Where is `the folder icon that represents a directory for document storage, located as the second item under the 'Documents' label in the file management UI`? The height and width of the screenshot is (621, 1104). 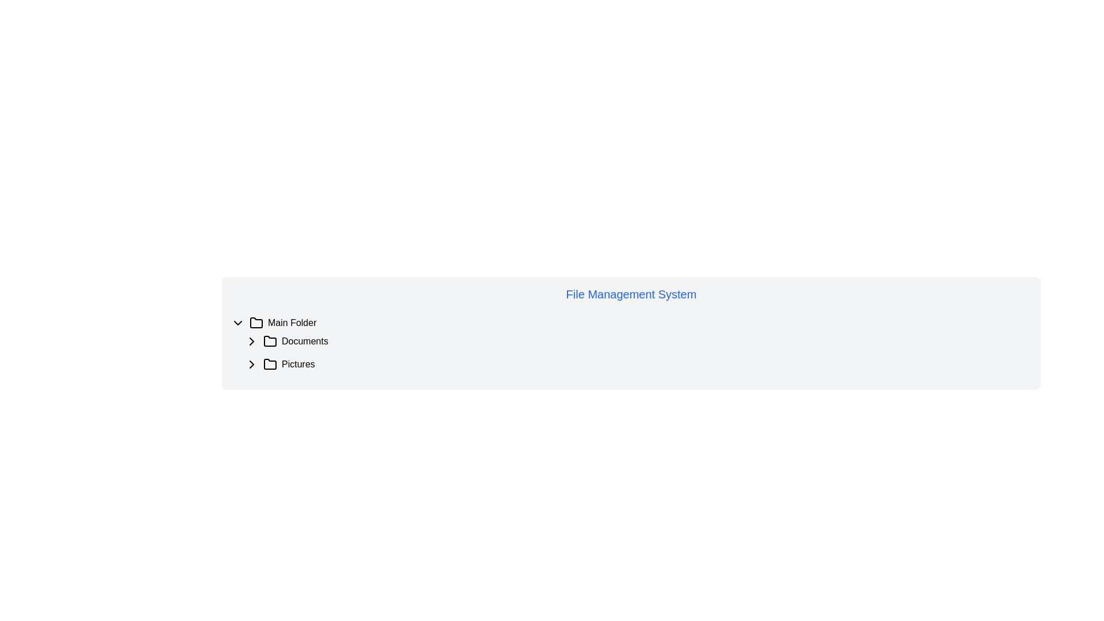
the folder icon that represents a directory for document storage, located as the second item under the 'Documents' label in the file management UI is located at coordinates (270, 340).